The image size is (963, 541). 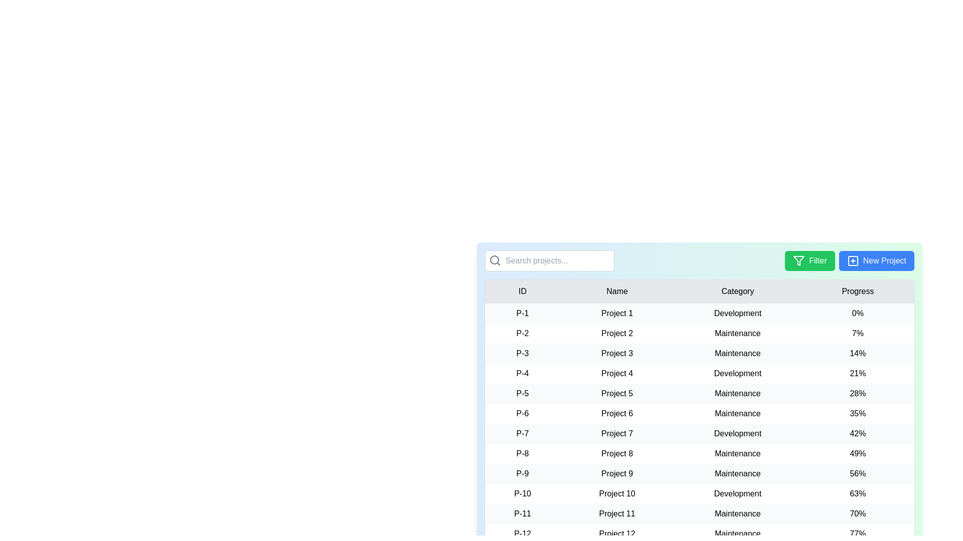 I want to click on the column header to sort the table by ID, so click(x=522, y=292).